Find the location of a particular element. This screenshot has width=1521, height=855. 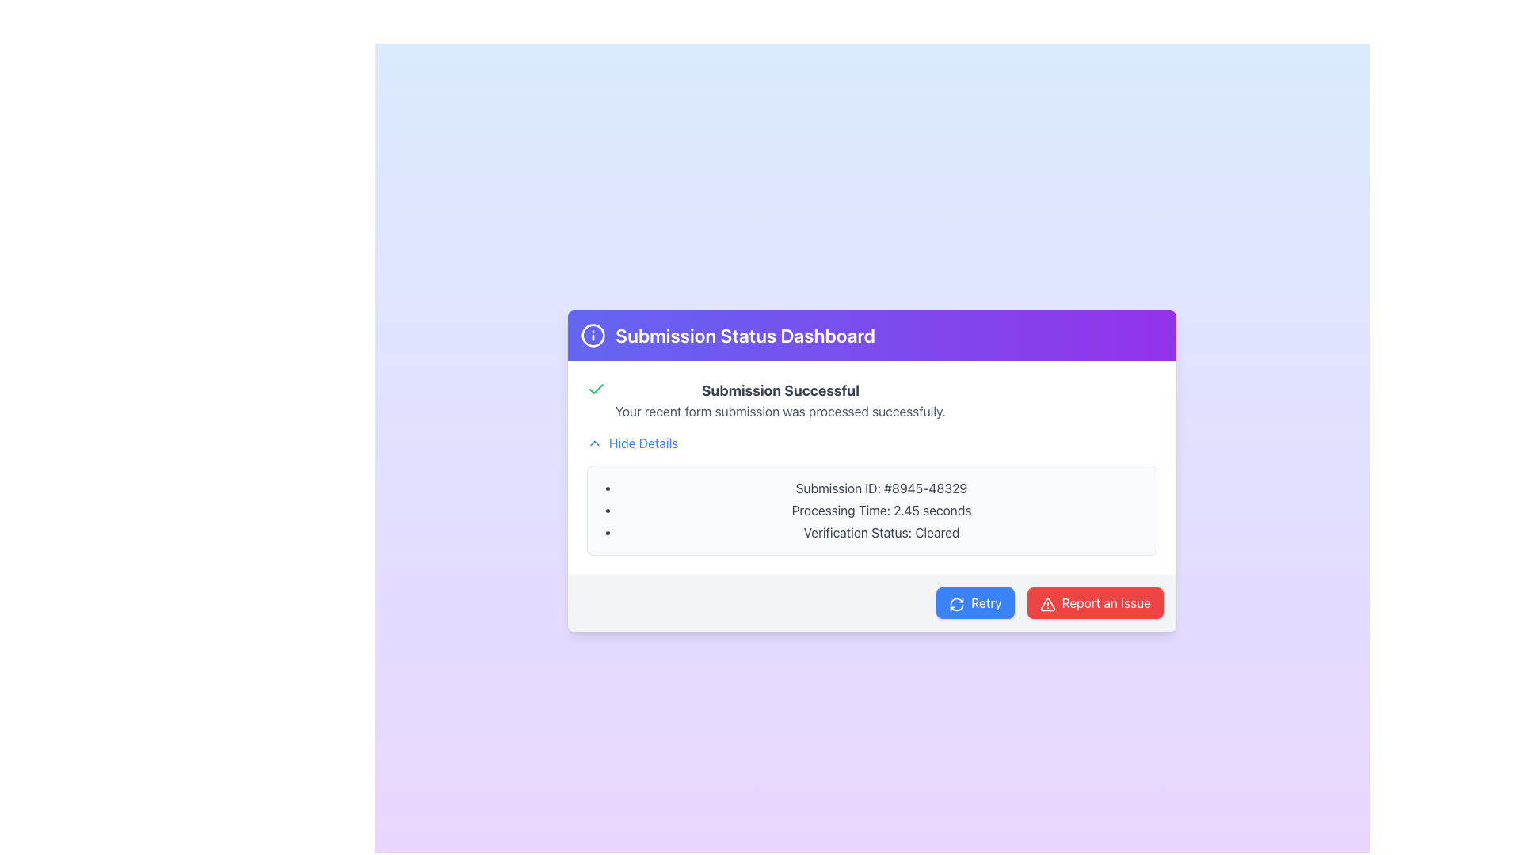

the prominent notification headline text label indicating successful submission processing, which is centrally located in the dashboard component is located at coordinates (780, 390).